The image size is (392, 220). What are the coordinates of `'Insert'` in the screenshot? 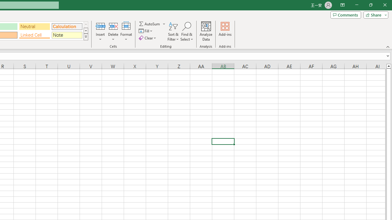 It's located at (100, 31).